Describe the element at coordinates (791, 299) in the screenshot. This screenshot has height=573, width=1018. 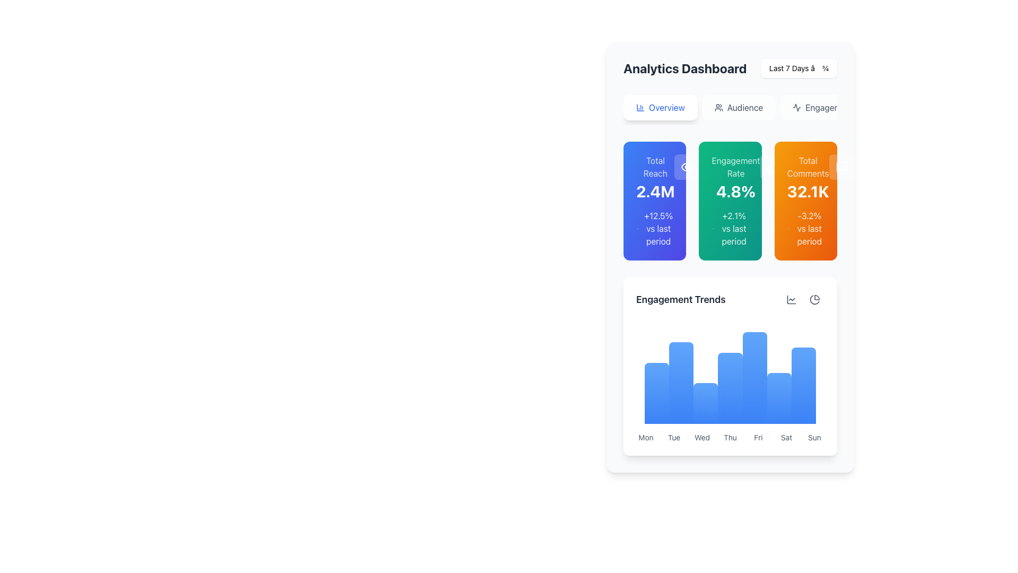
I see `the Icon button with hover styling that serves as a control for line chart analytics` at that location.